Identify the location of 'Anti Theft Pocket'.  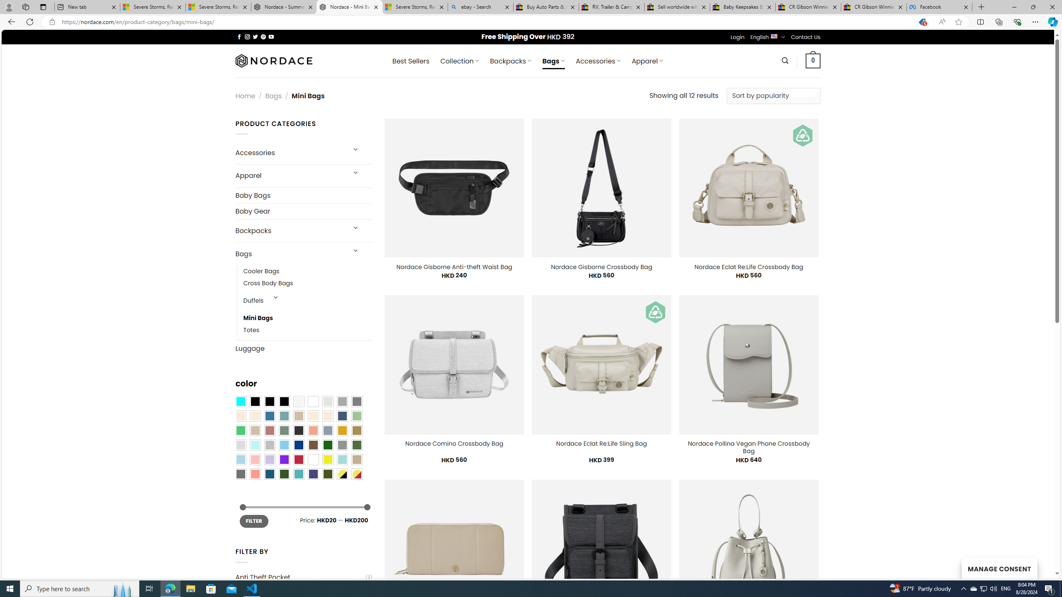
(300, 577).